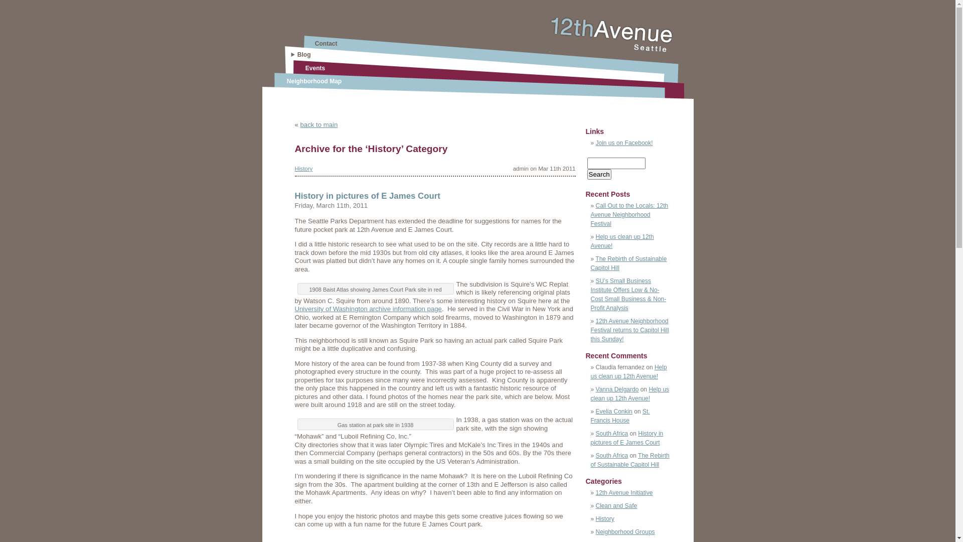  Describe the element at coordinates (623, 143) in the screenshot. I see `'Join us on Facebook!'` at that location.